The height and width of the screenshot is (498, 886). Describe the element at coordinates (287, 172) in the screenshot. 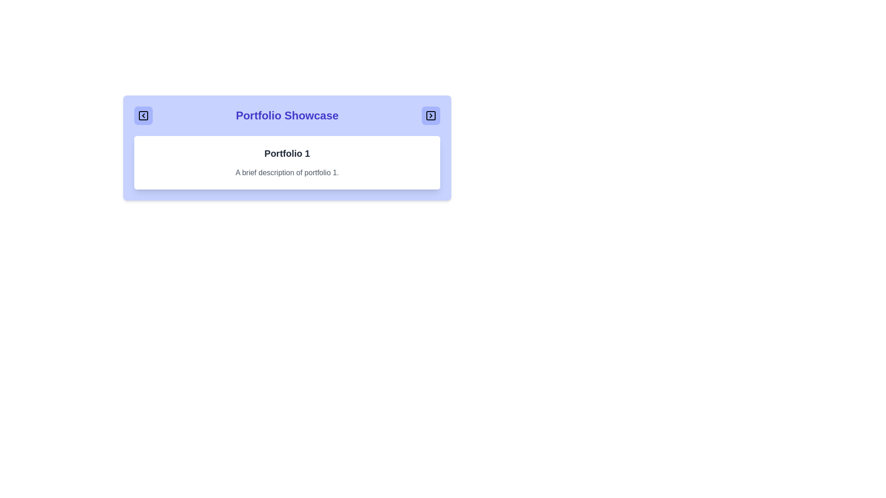

I see `the static text element that provides a descriptive summary related to 'Portfolio 1', located directly underneath the title and centered horizontally` at that location.